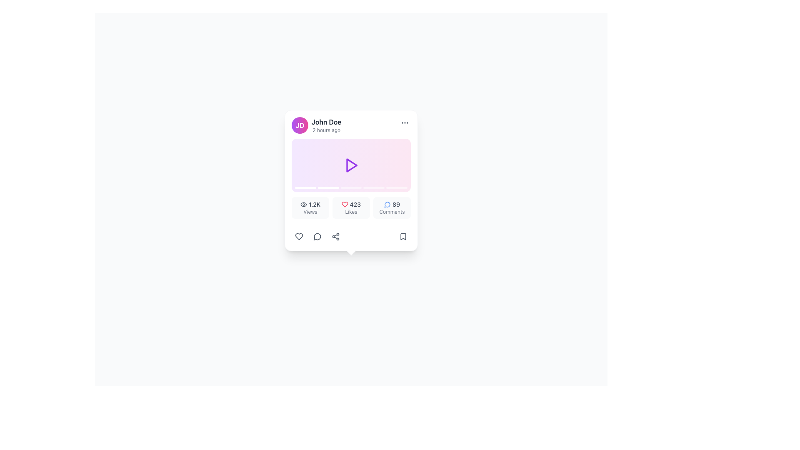 The width and height of the screenshot is (800, 450). What do you see at coordinates (391, 212) in the screenshot?
I see `the descriptive label for the comments section located directly beneath the numeric text '89' and to the right of a small speech bubble icon` at bounding box center [391, 212].